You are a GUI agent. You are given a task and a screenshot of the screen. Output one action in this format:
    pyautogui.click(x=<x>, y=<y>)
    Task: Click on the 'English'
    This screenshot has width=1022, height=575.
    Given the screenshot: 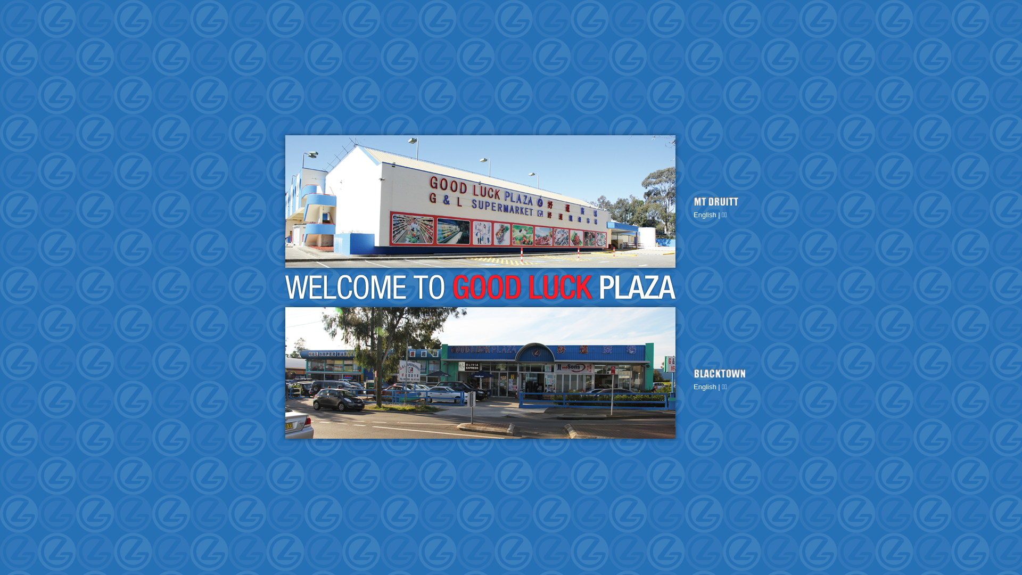 What is the action you would take?
    pyautogui.click(x=705, y=215)
    